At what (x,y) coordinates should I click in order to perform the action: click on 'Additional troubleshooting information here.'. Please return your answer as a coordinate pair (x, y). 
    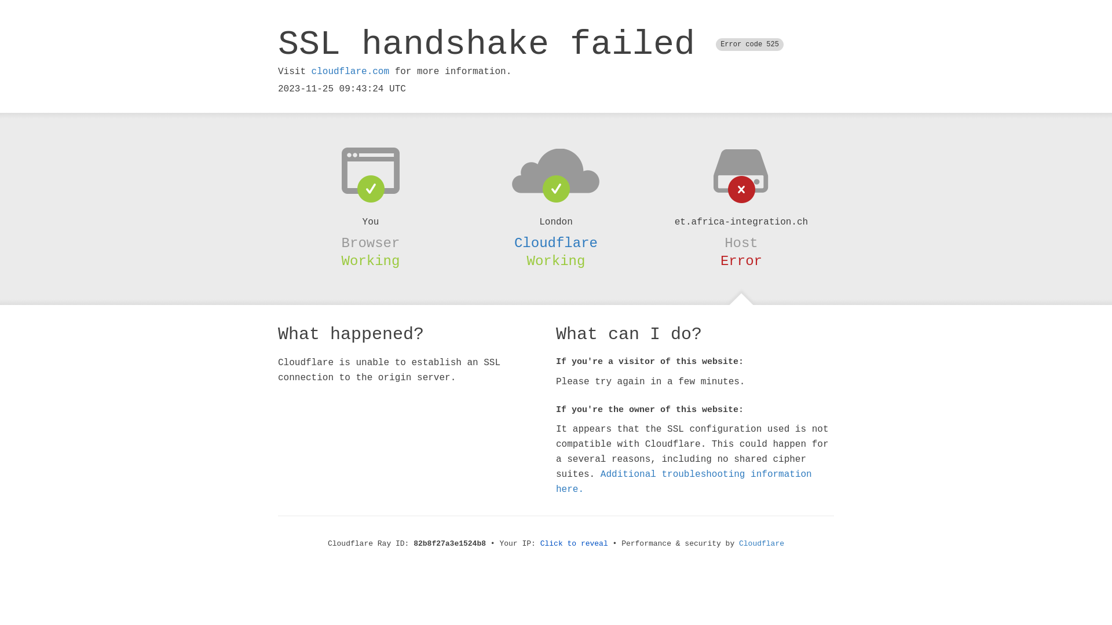
    Looking at the image, I should click on (683, 482).